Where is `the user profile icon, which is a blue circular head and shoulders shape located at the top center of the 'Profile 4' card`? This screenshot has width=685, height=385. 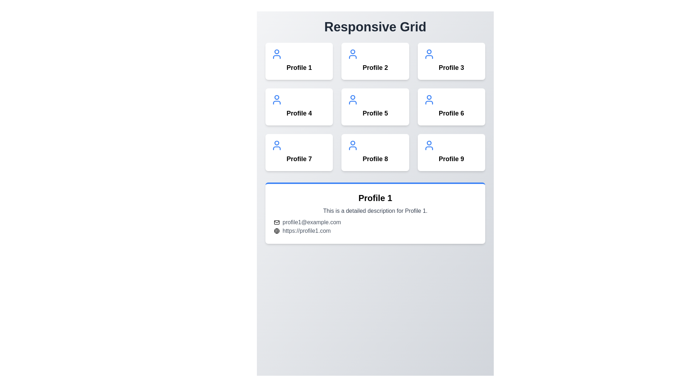 the user profile icon, which is a blue circular head and shoulders shape located at the top center of the 'Profile 4' card is located at coordinates (276, 100).